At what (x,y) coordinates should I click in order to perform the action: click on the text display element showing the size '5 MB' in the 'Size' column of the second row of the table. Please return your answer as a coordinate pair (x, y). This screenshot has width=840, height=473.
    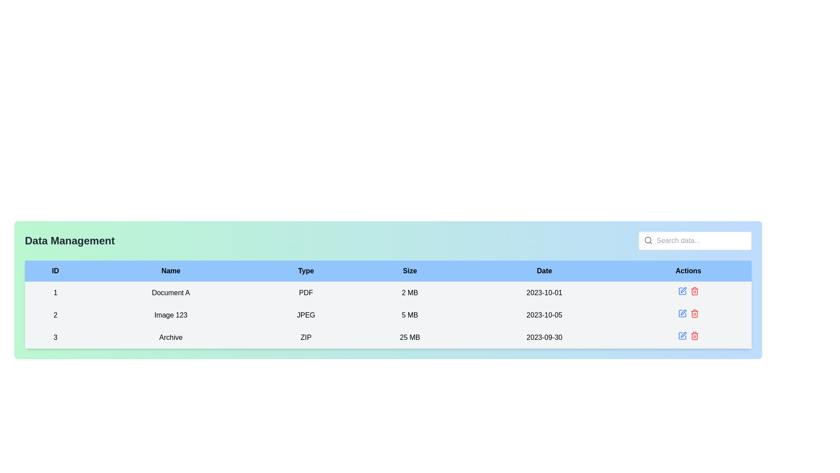
    Looking at the image, I should click on (409, 314).